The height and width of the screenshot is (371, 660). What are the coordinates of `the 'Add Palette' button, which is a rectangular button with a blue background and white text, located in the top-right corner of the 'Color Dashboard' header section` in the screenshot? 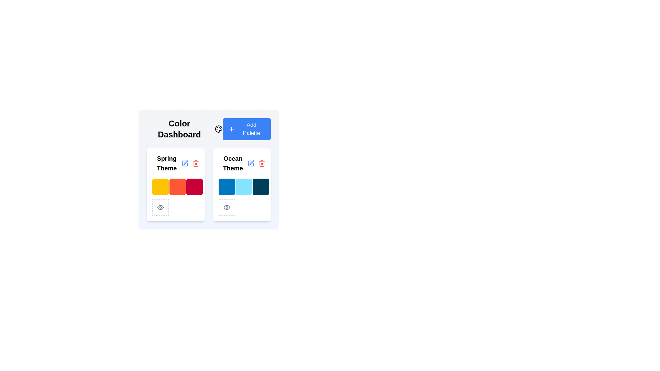 It's located at (247, 129).